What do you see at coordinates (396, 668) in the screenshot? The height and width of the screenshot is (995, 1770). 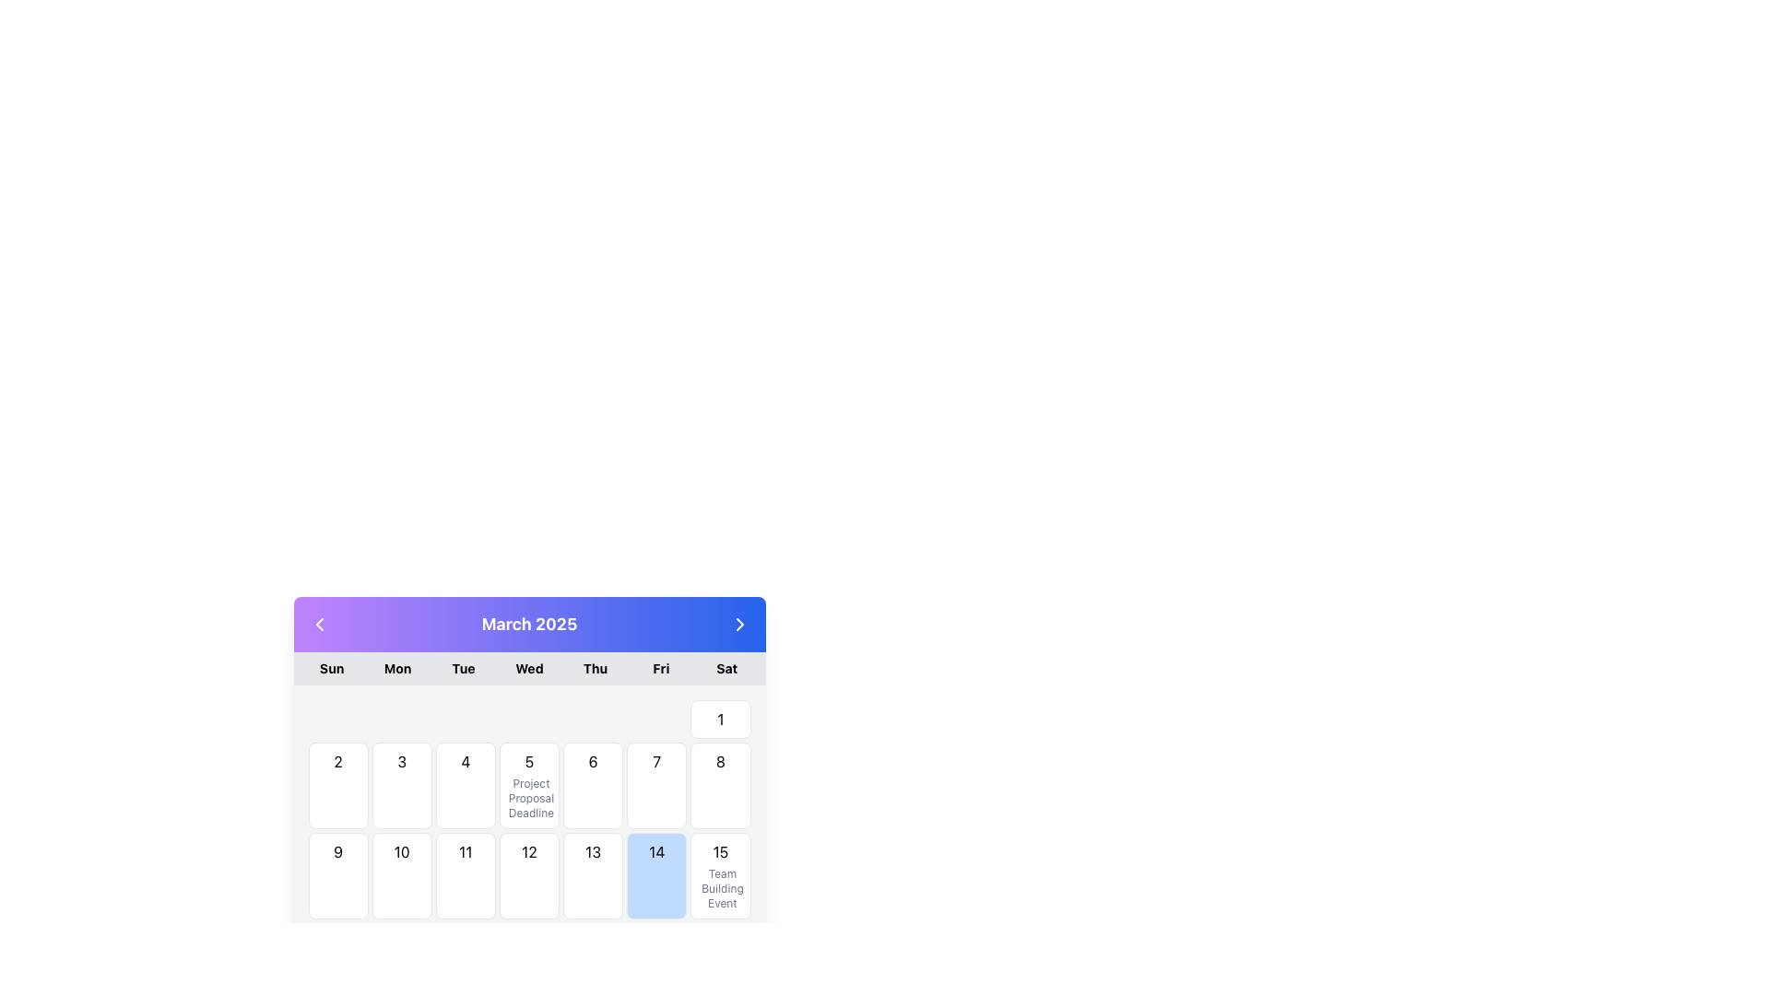 I see `the day name label in the calendar interface located in the second column below the header 'March 2025'` at bounding box center [396, 668].